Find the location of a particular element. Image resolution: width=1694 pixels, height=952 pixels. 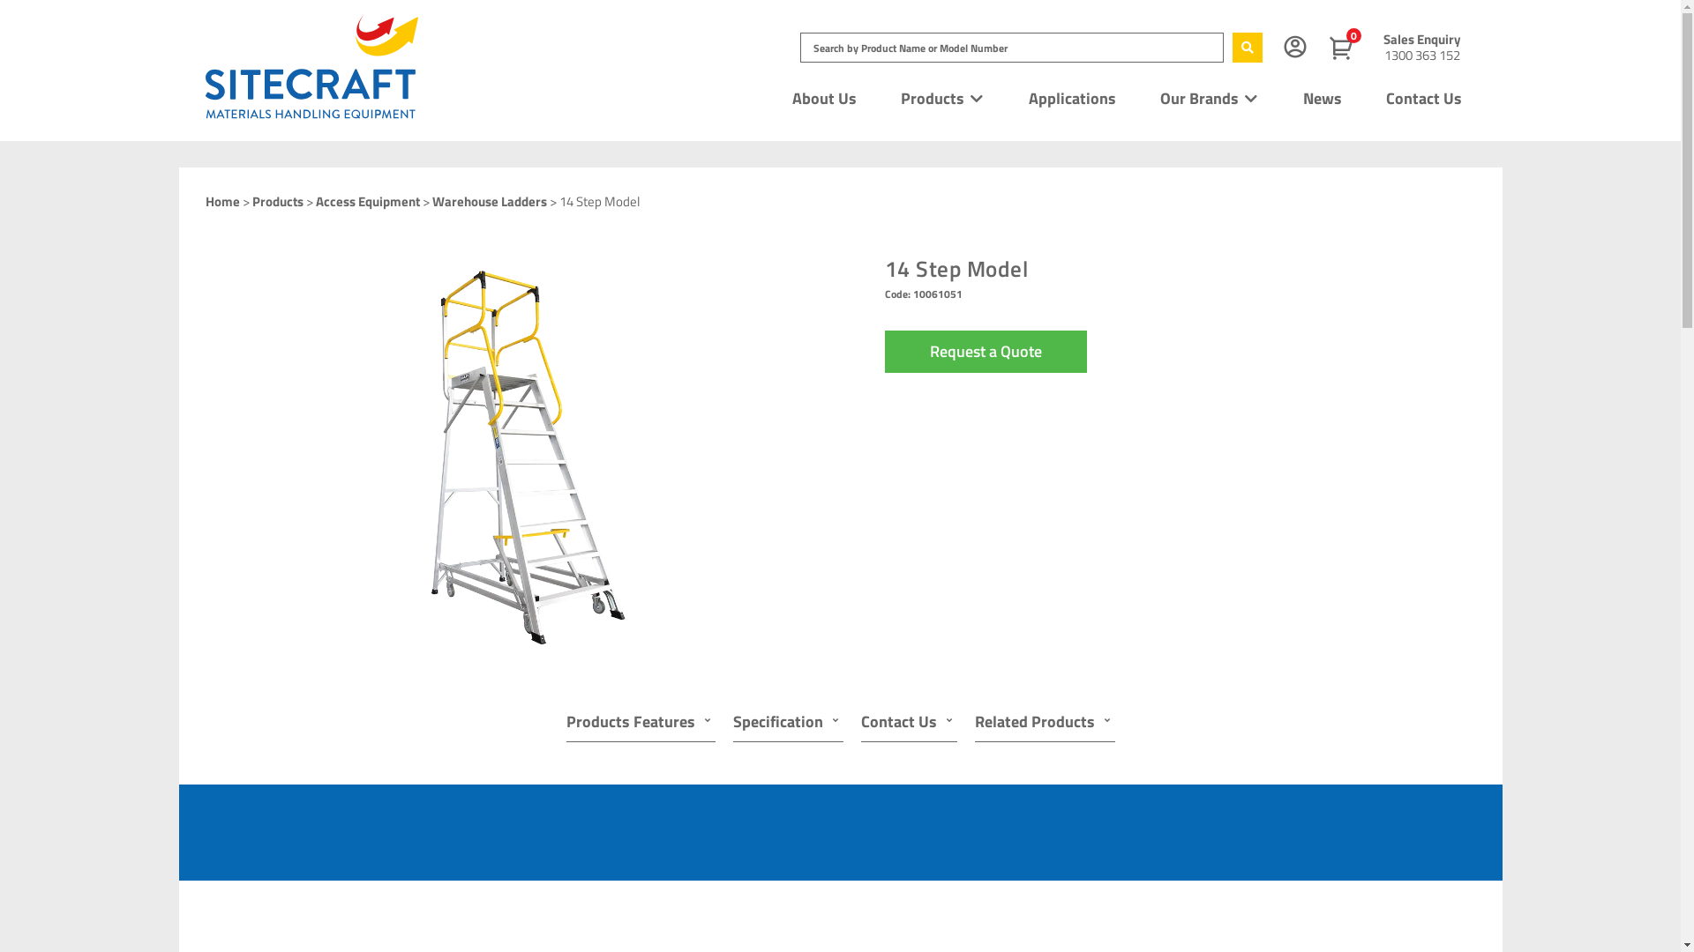

'Products' is located at coordinates (277, 200).